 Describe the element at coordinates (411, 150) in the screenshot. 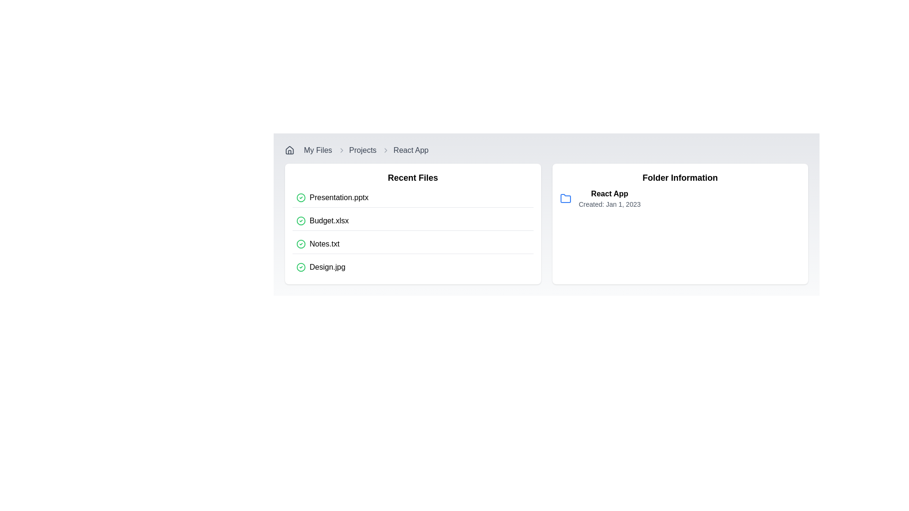

I see `the 'React App' hyperlink in the breadcrumb navigation bar` at that location.